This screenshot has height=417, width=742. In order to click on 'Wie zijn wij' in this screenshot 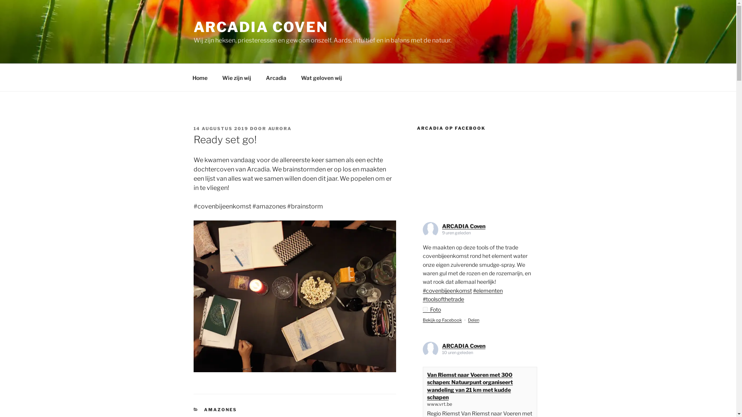, I will do `click(215, 77)`.